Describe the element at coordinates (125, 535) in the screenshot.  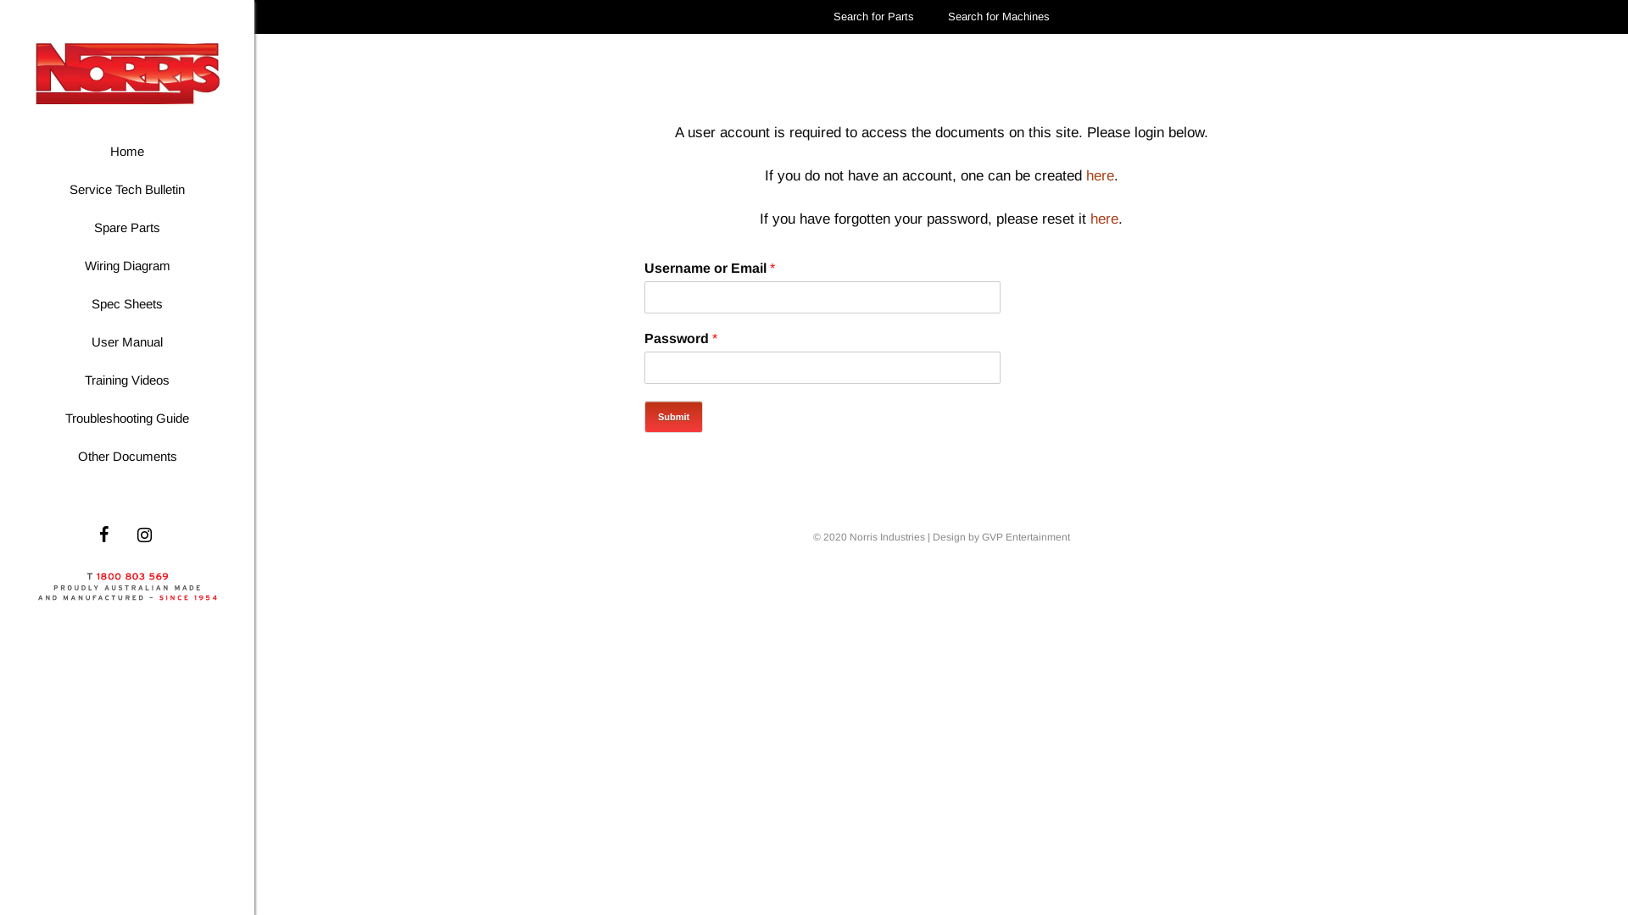
I see `'Instagram'` at that location.